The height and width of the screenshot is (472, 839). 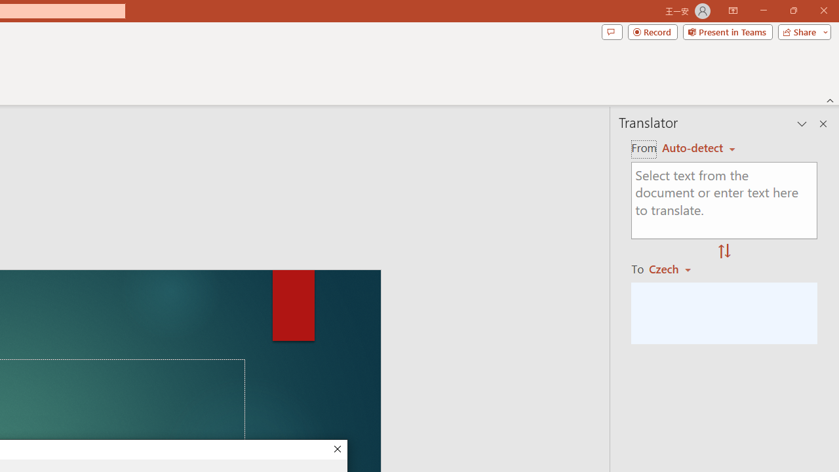 I want to click on 'Auto-detect', so click(x=698, y=147).